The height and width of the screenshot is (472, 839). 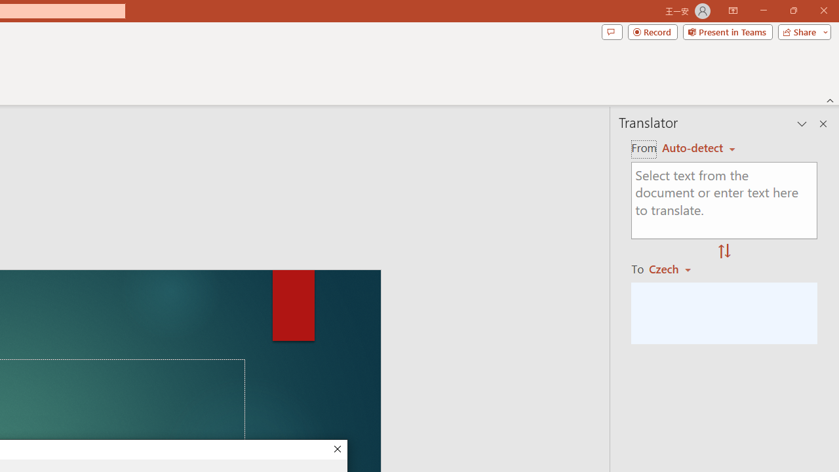 I want to click on 'Auto-detect', so click(x=698, y=147).